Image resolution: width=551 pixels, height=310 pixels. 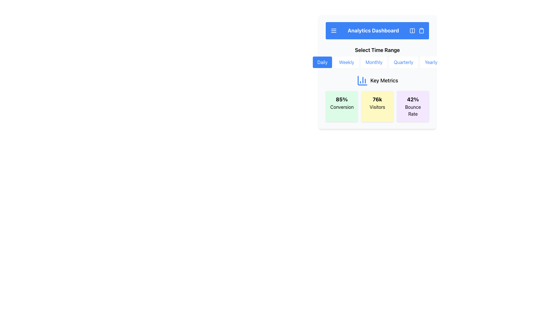 I want to click on the 'Visitors' metric card component located at the center-bottom area of the 'Key Metrics' section for reordering, so click(x=377, y=106).